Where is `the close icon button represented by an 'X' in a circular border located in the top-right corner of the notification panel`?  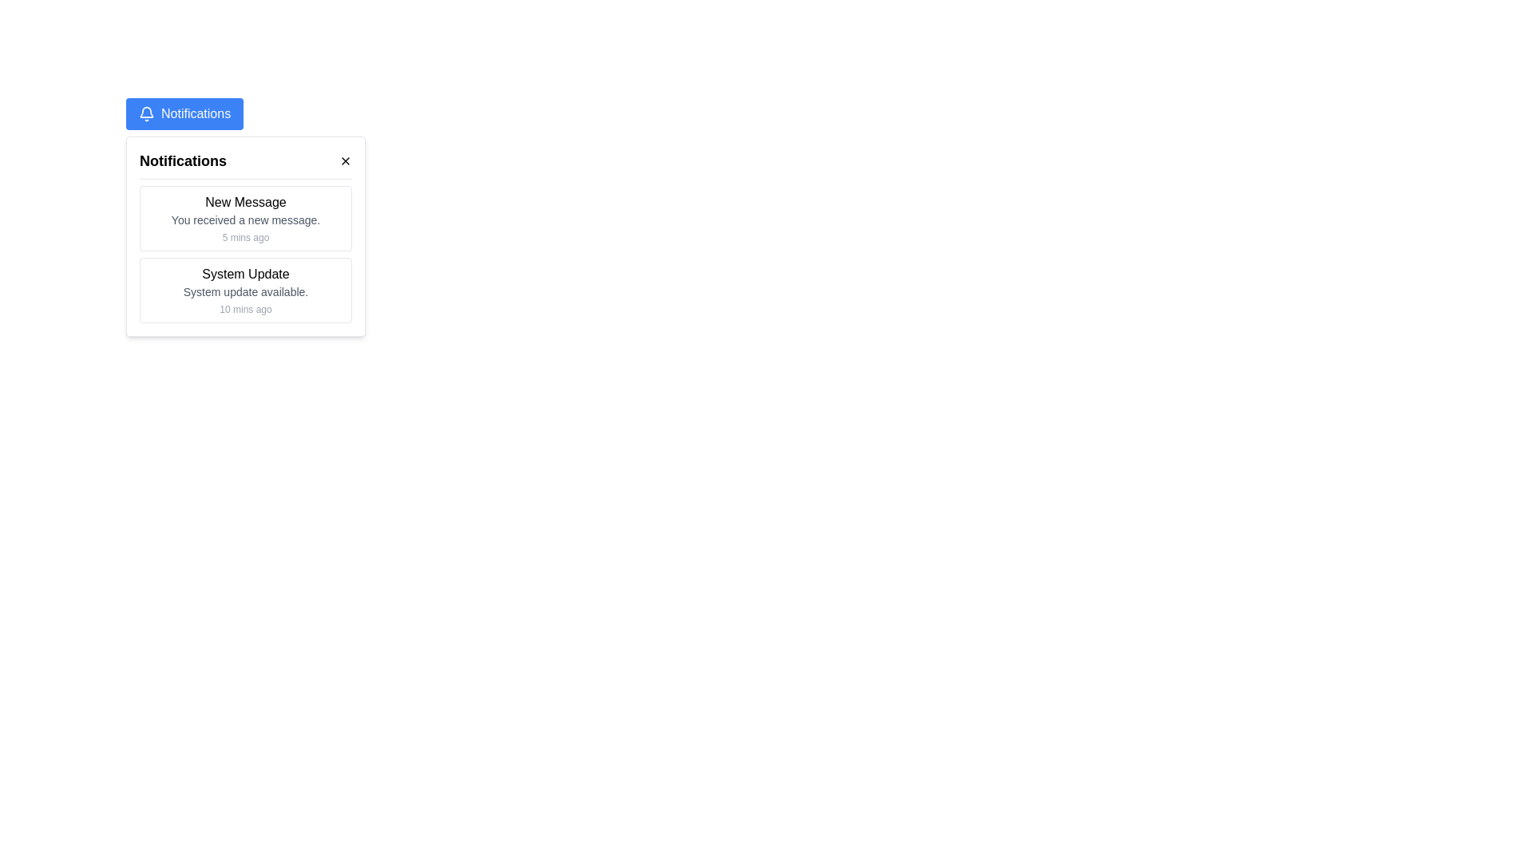 the close icon button represented by an 'X' in a circular border located in the top-right corner of the notification panel is located at coordinates (344, 160).